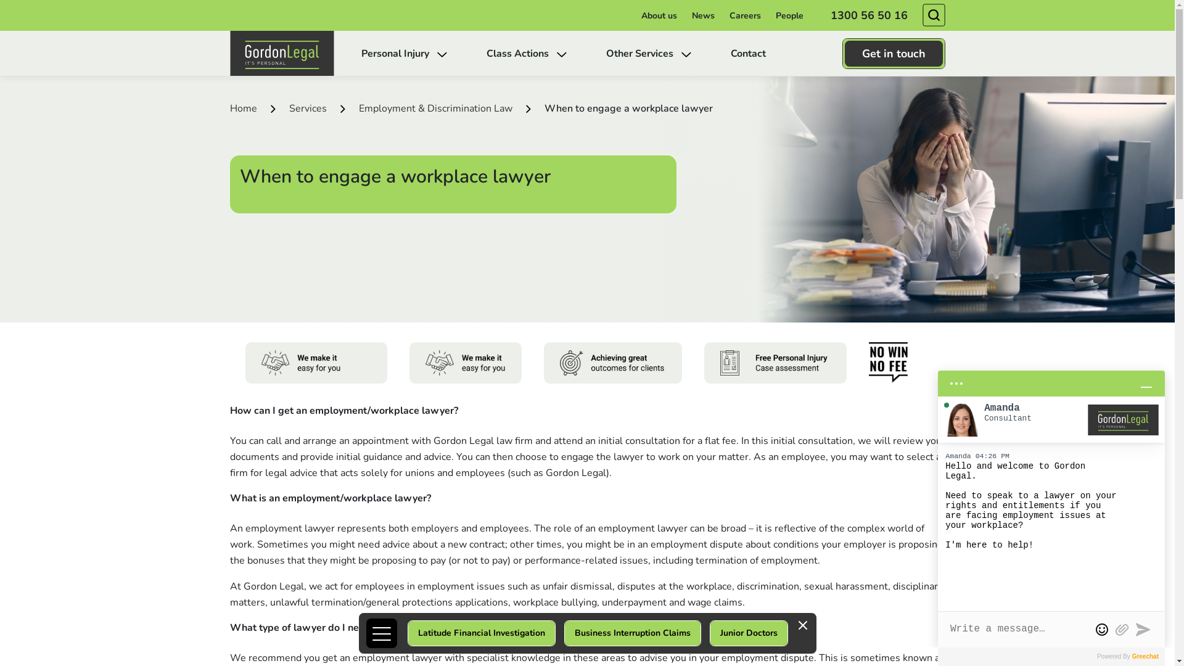 This screenshot has height=666, width=1184. I want to click on 'Careers', so click(744, 15).